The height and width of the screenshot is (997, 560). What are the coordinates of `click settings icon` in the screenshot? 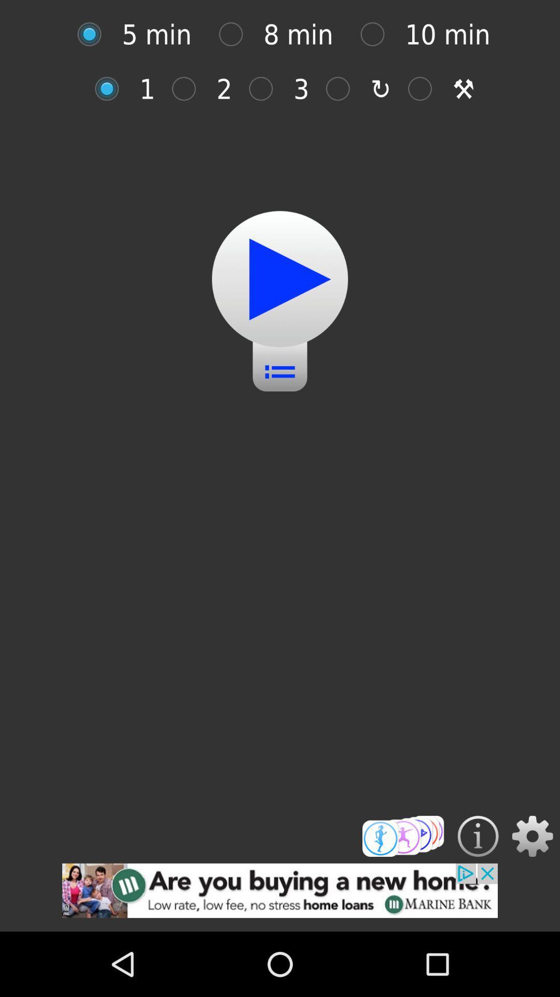 It's located at (533, 836).